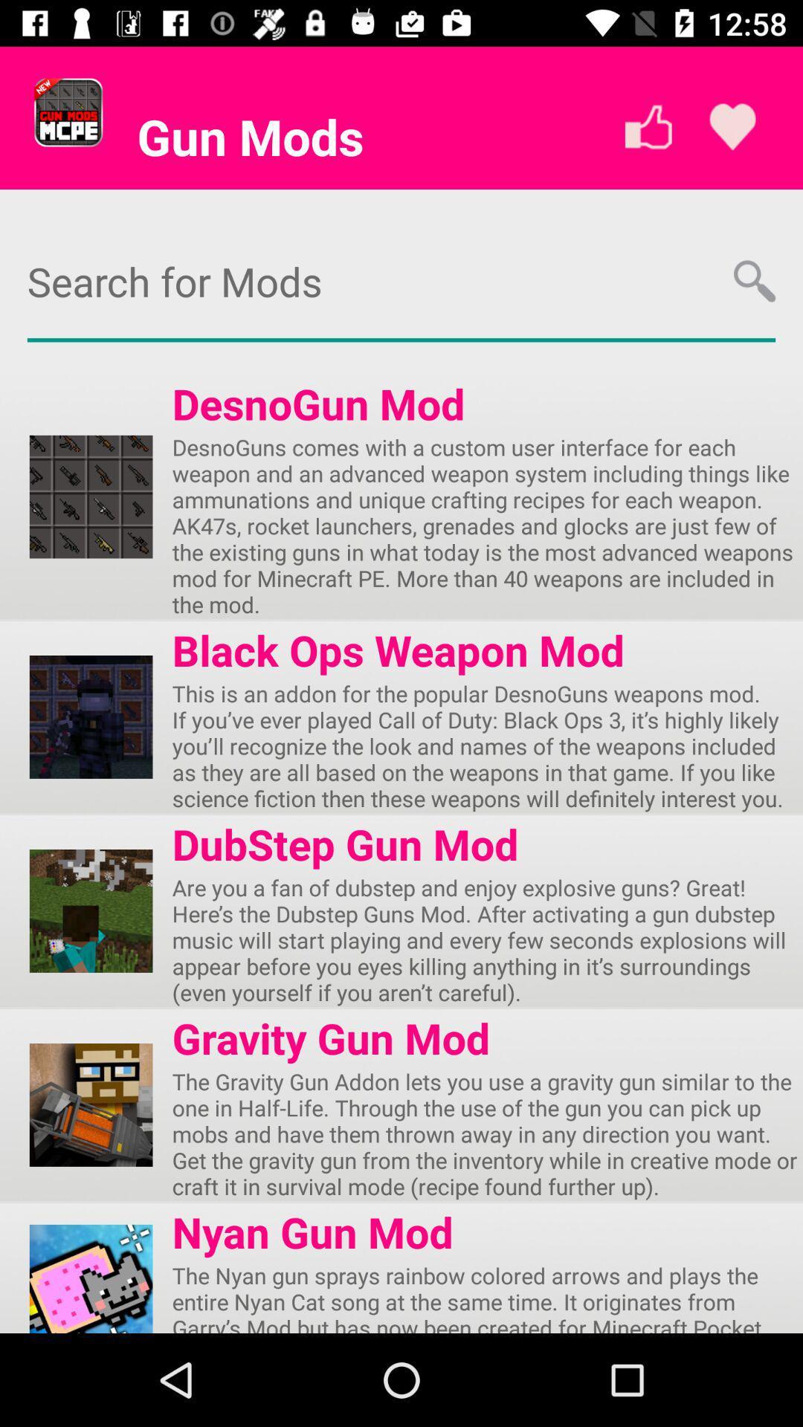  What do you see at coordinates (487, 745) in the screenshot?
I see `the app below the black ops weapon item` at bounding box center [487, 745].